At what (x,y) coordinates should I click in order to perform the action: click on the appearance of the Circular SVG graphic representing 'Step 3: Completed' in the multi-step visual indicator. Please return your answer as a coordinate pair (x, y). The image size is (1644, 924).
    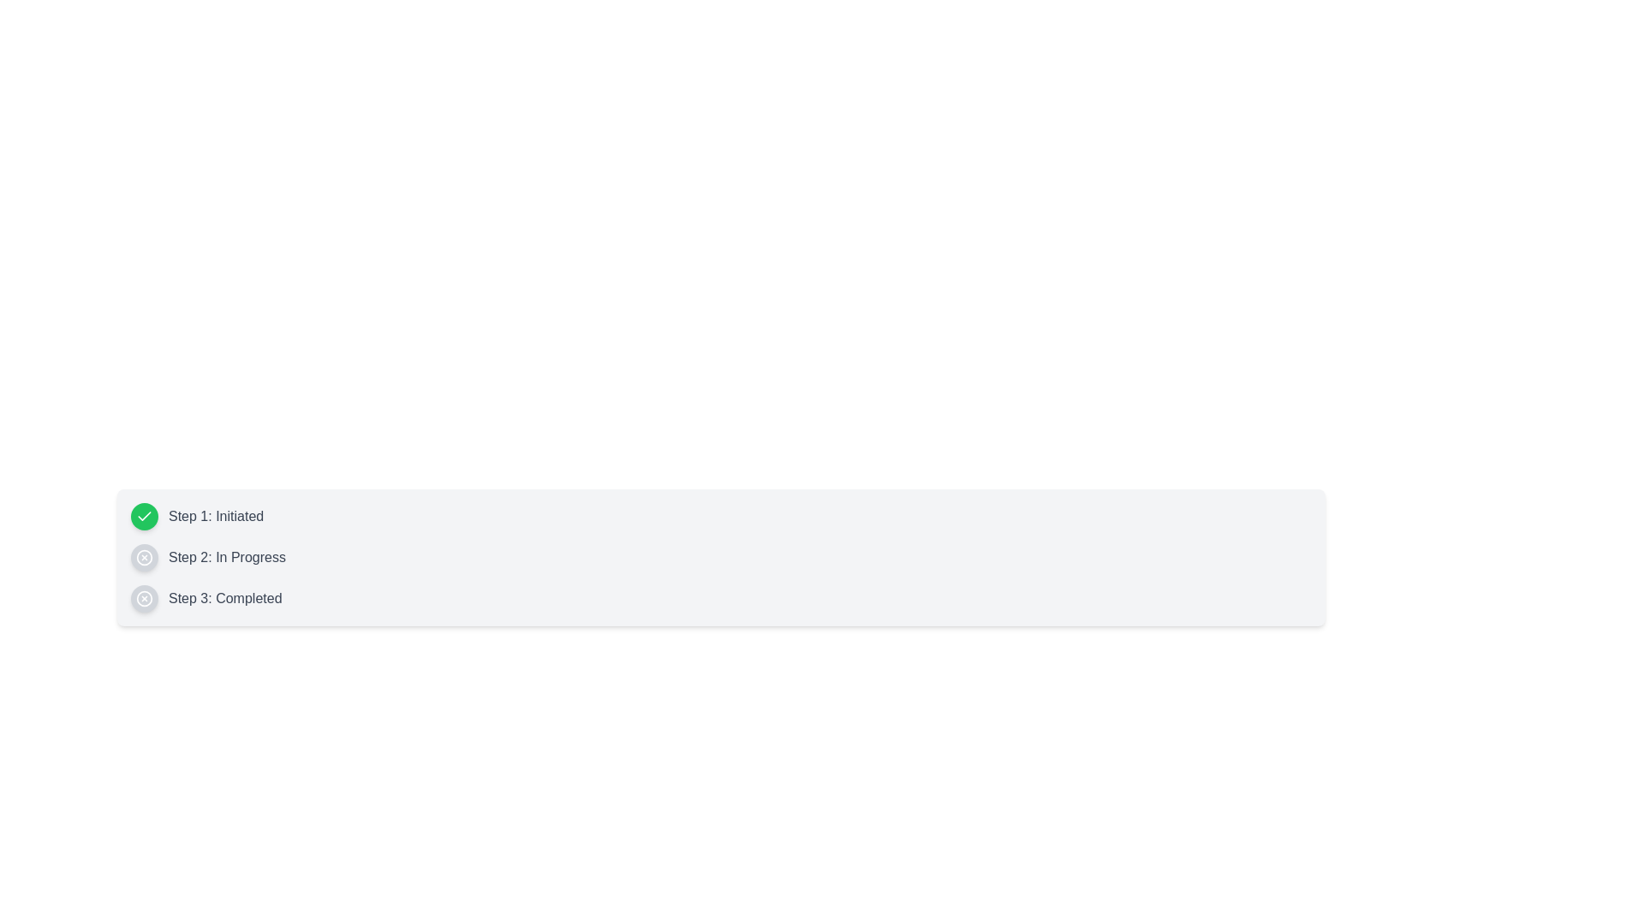
    Looking at the image, I should click on (144, 597).